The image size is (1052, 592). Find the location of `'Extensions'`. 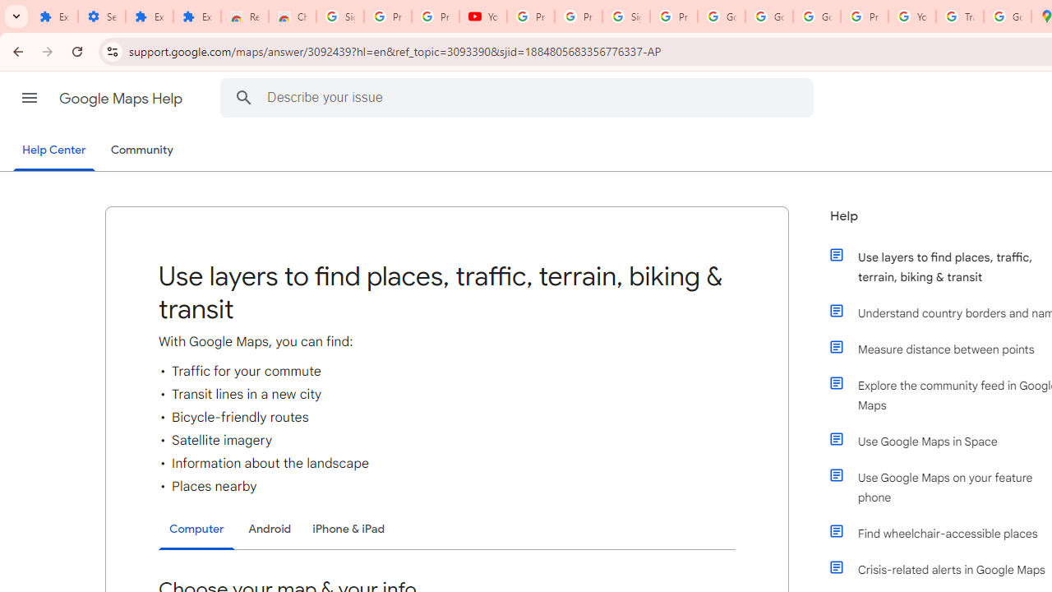

'Extensions' is located at coordinates (53, 16).